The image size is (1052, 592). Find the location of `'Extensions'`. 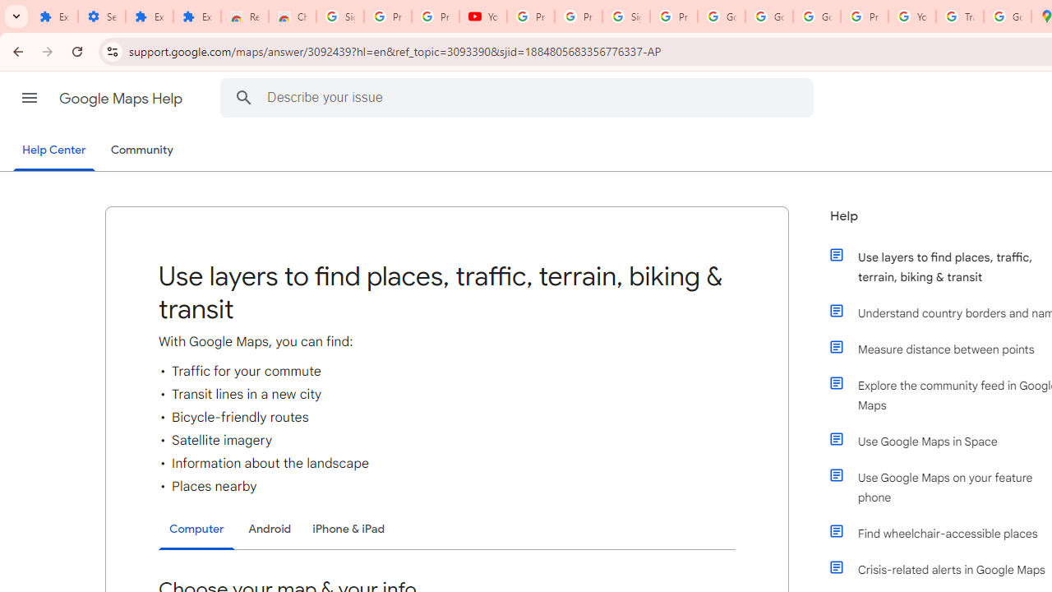

'Extensions' is located at coordinates (53, 16).